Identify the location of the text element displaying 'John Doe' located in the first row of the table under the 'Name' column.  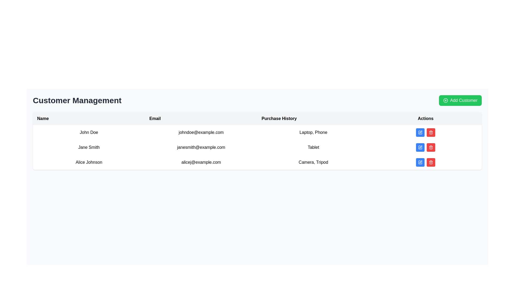
(89, 132).